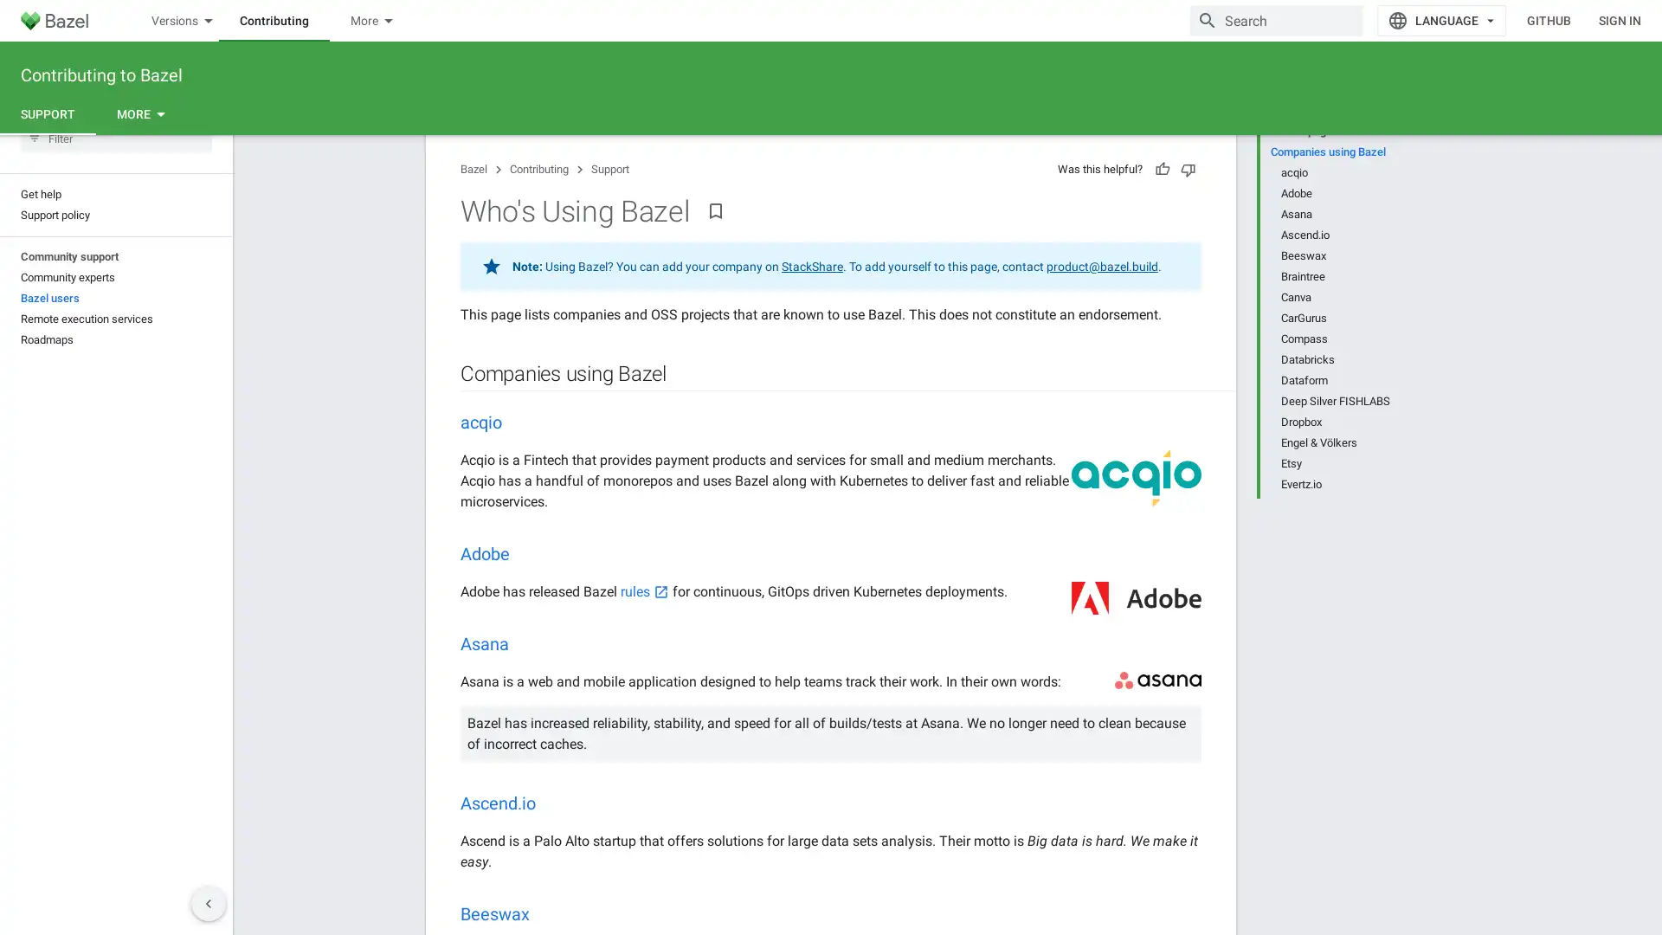  What do you see at coordinates (1187, 199) in the screenshot?
I see `Not helpful` at bounding box center [1187, 199].